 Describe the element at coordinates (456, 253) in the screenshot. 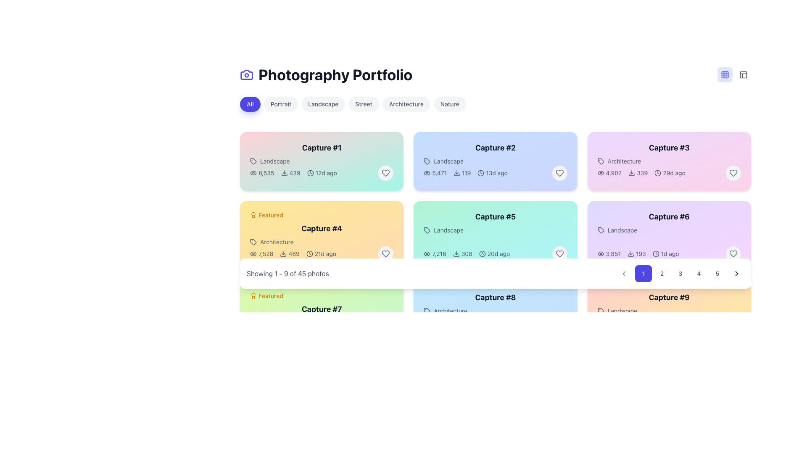

I see `the download action icon, which is a small SVG icon resembling a down-pointing arrow intersecting with a horizontal line, located within the card labeled 'Capture #5' in the third column of the top row` at that location.